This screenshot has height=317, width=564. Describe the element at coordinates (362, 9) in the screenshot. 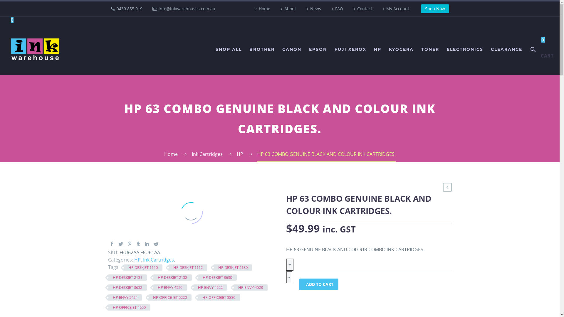

I see `'Contact'` at that location.